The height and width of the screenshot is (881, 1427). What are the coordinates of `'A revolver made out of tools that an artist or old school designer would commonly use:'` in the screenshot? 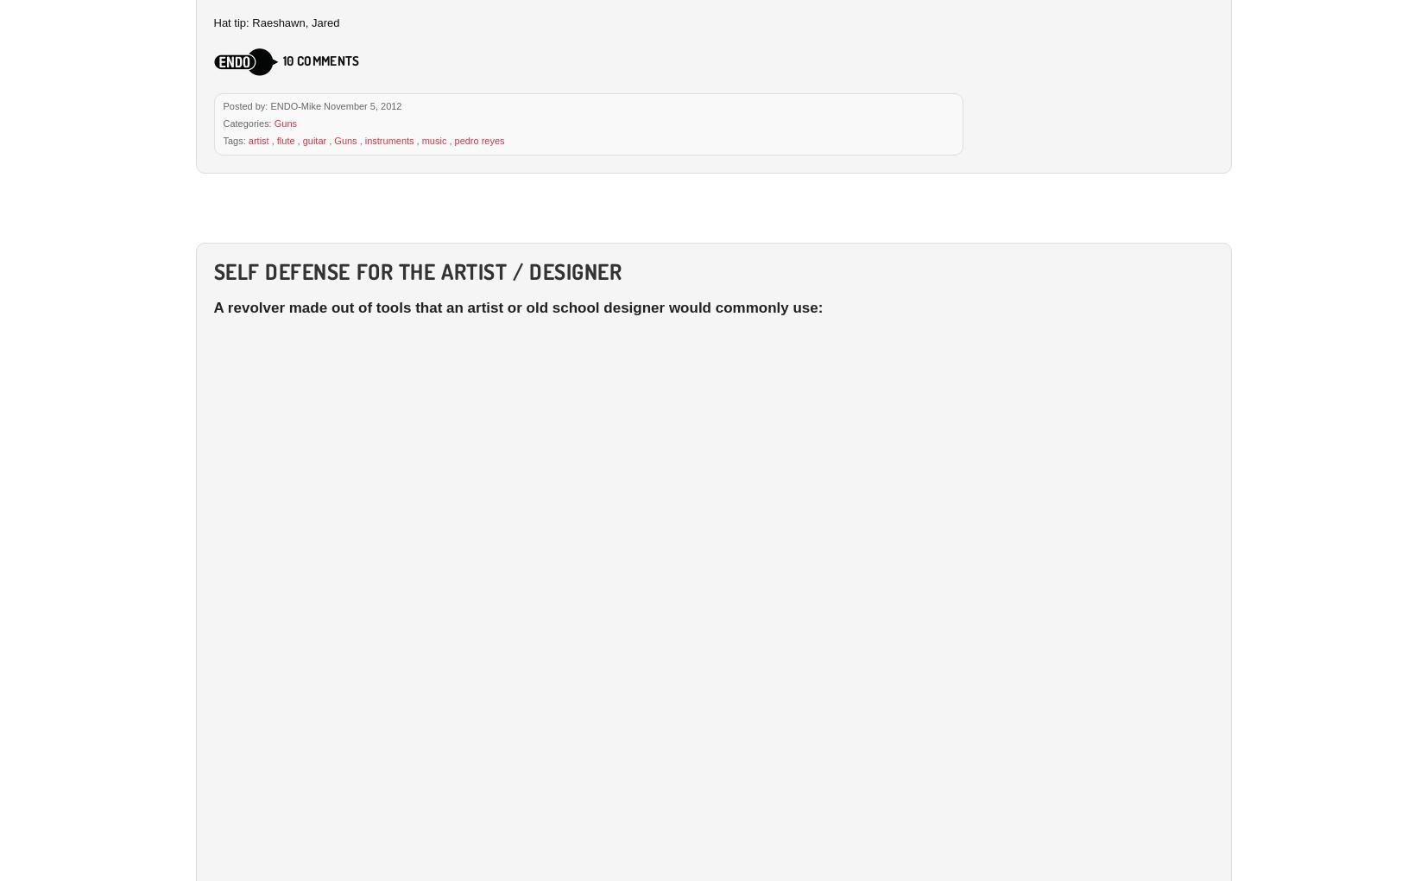 It's located at (212, 306).